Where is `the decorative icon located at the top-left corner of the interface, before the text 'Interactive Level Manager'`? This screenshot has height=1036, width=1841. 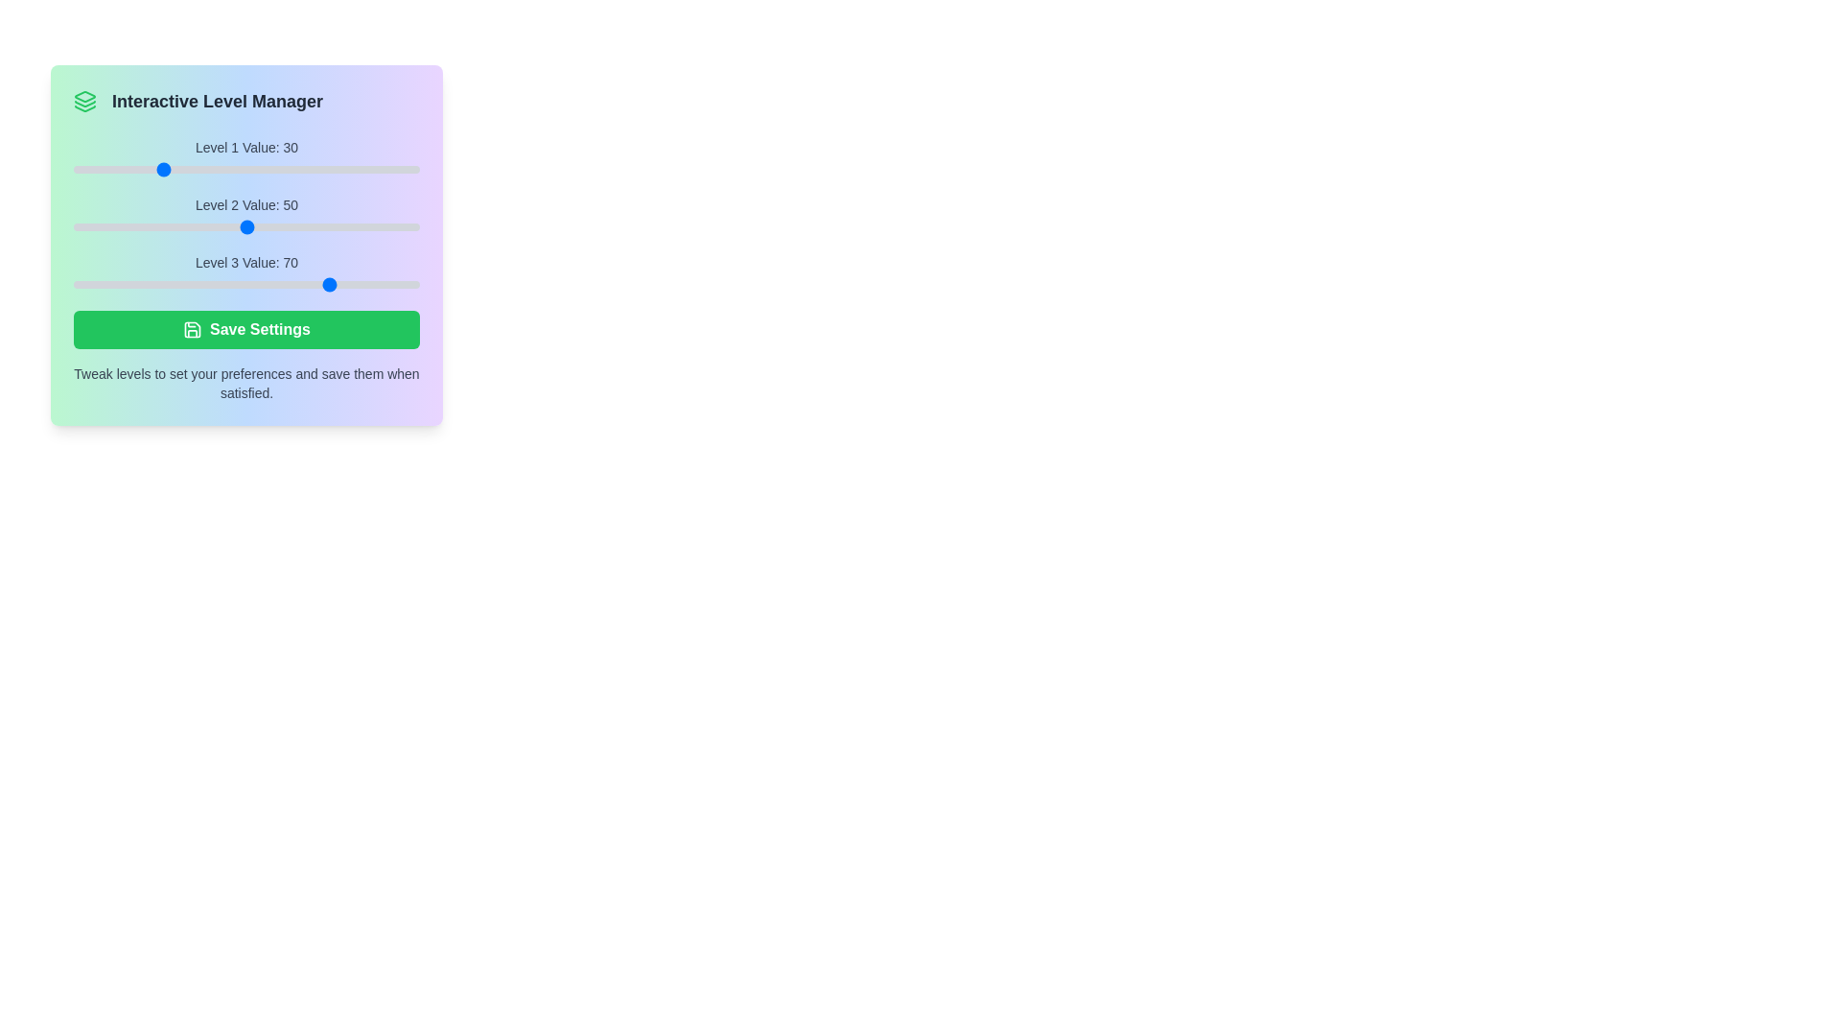
the decorative icon located at the top-left corner of the interface, before the text 'Interactive Level Manager' is located at coordinates (84, 96).